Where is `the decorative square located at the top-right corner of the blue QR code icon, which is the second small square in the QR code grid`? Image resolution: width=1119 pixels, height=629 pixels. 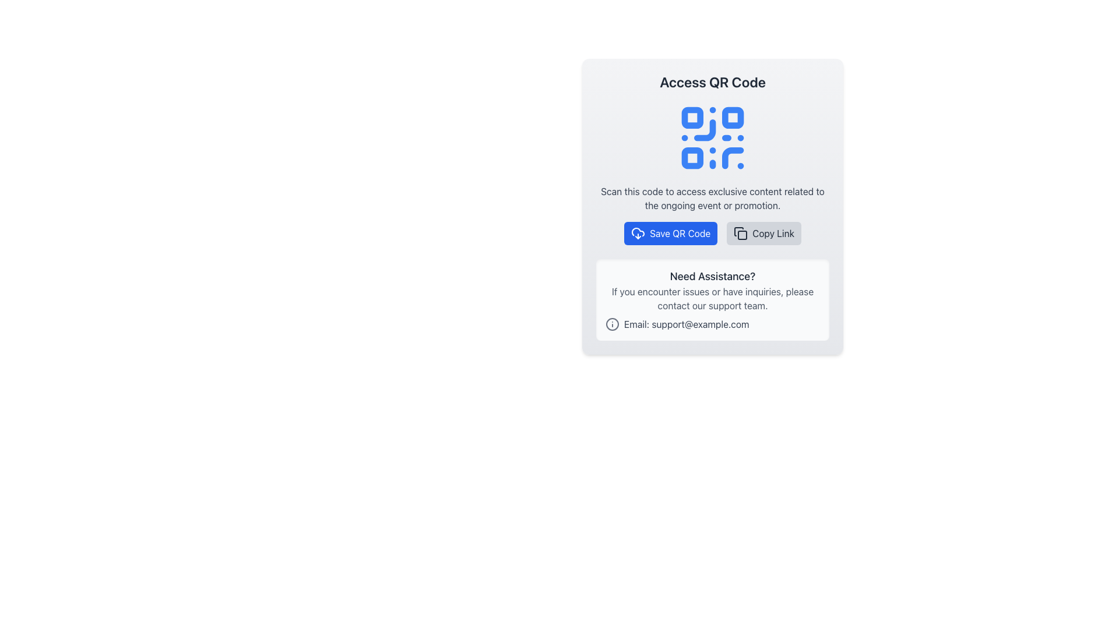
the decorative square located at the top-right corner of the blue QR code icon, which is the second small square in the QR code grid is located at coordinates (732, 118).